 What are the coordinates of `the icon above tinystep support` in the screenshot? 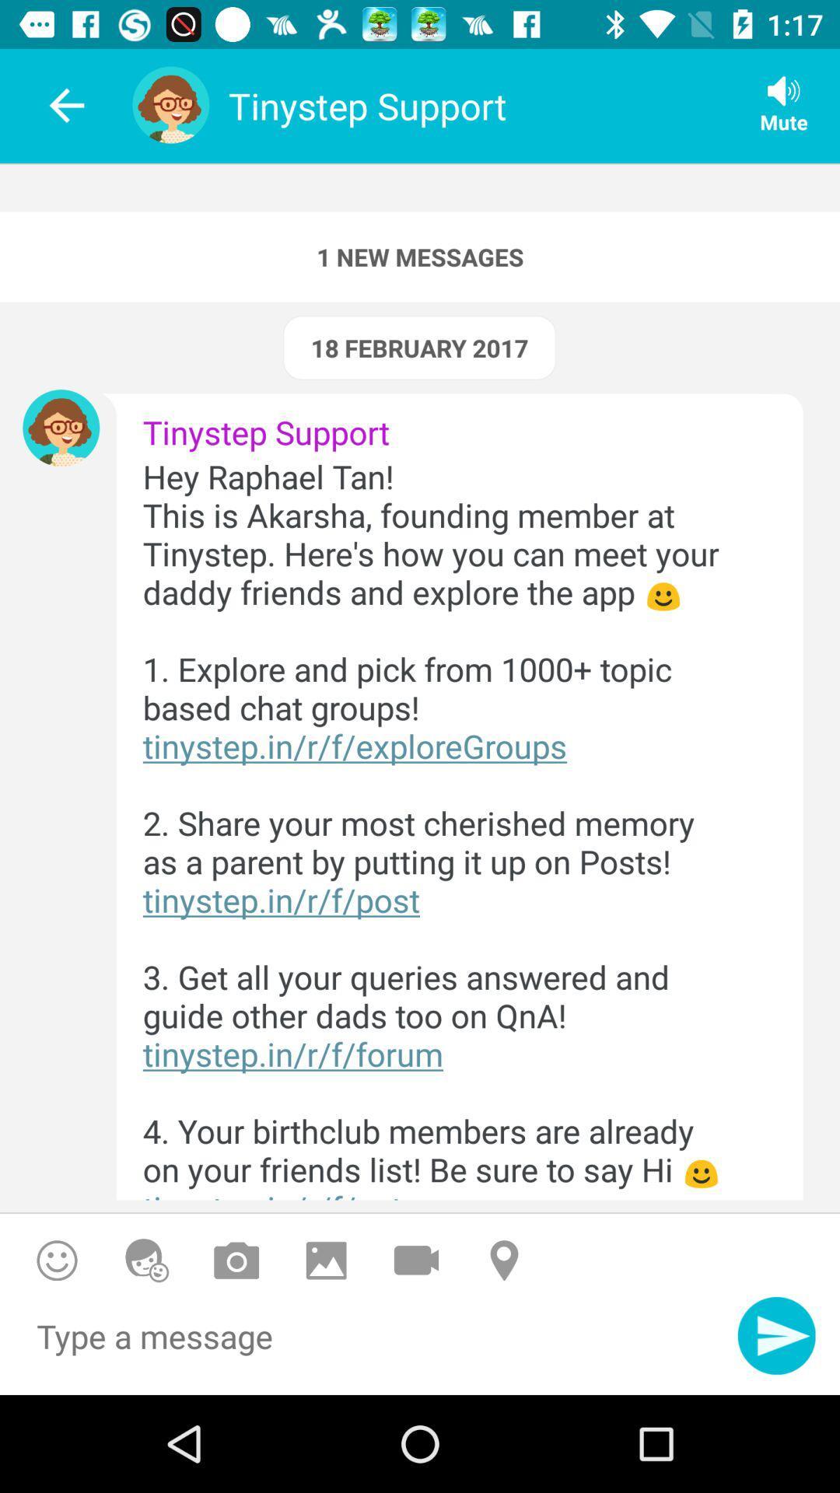 It's located at (418, 347).